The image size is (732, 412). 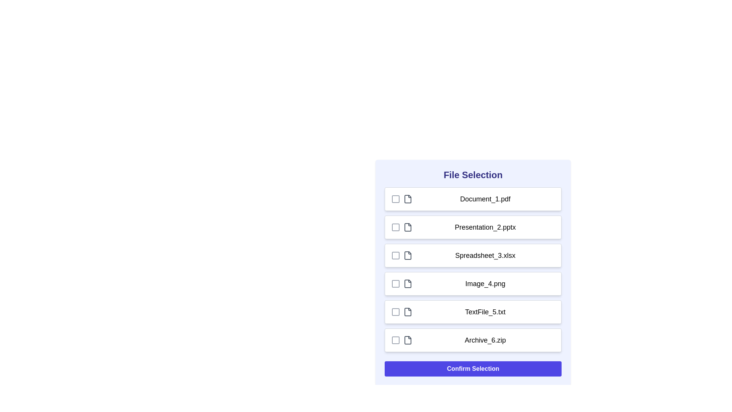 I want to click on the file row corresponding to Image_4.png, so click(x=473, y=284).